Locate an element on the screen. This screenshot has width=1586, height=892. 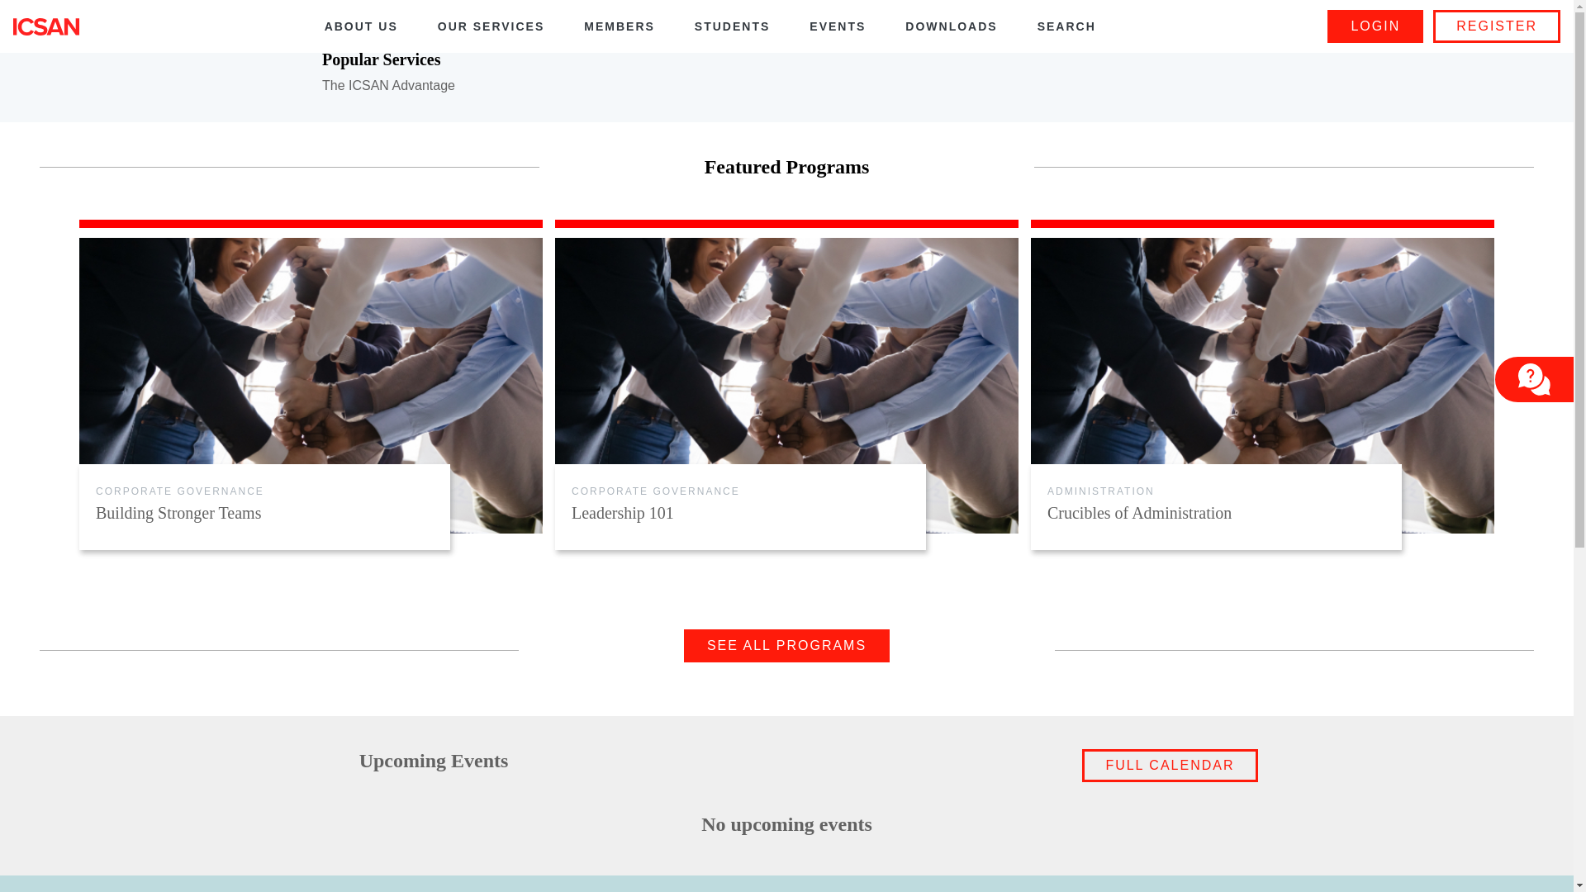
'REGISTER' is located at coordinates (1497, 26).